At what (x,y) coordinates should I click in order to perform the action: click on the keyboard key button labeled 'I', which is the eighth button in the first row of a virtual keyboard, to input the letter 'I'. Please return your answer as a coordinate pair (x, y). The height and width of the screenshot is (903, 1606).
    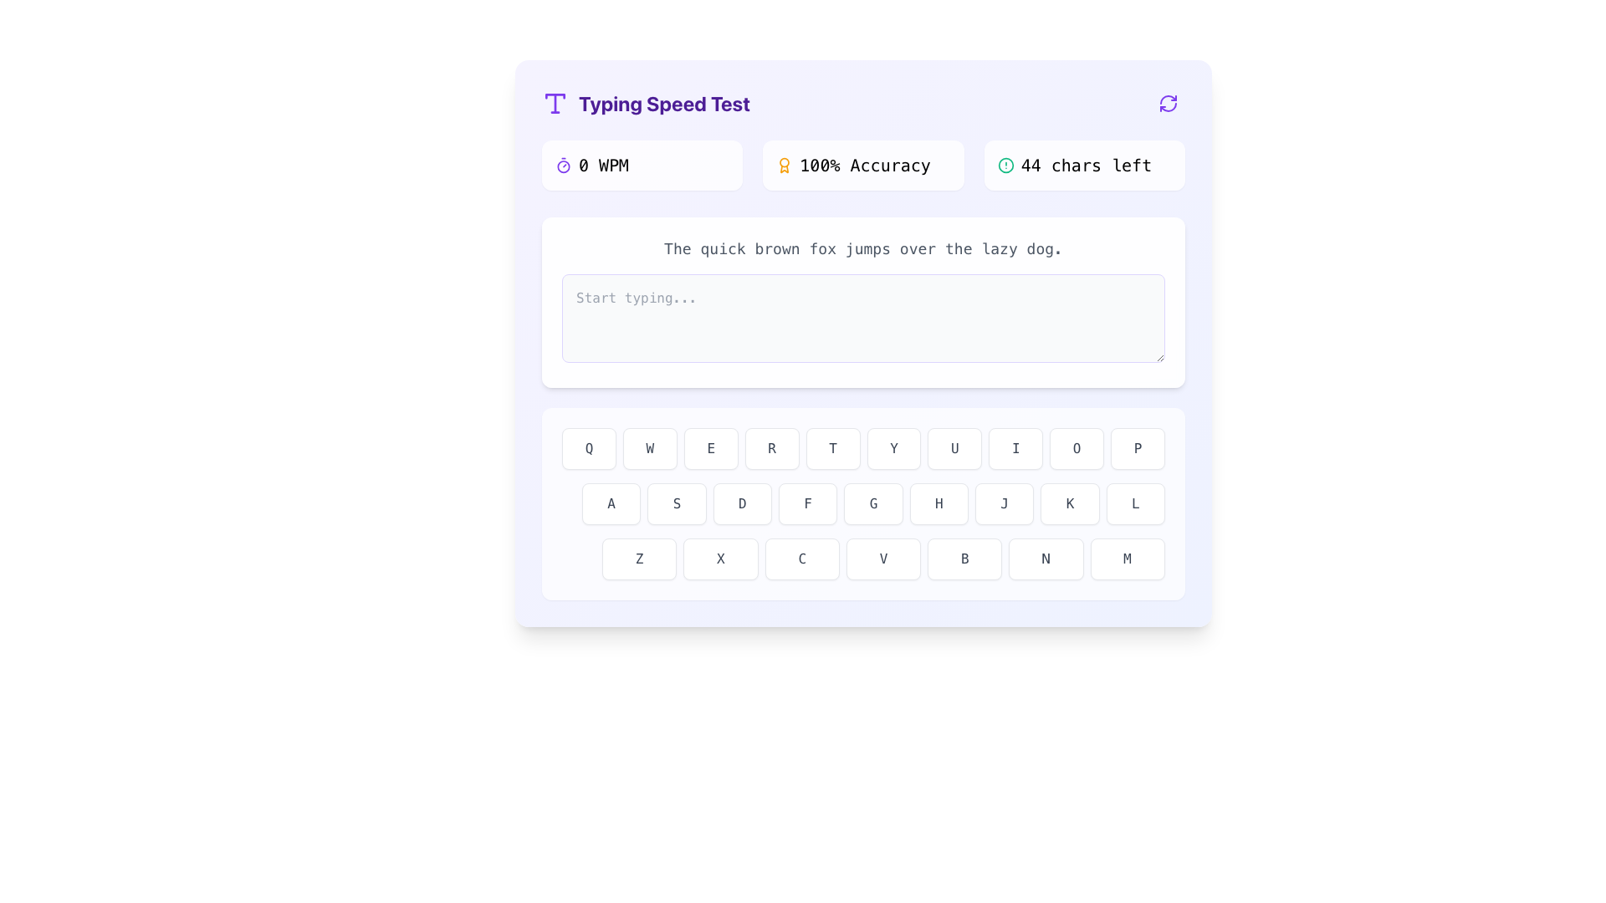
    Looking at the image, I should click on (1015, 447).